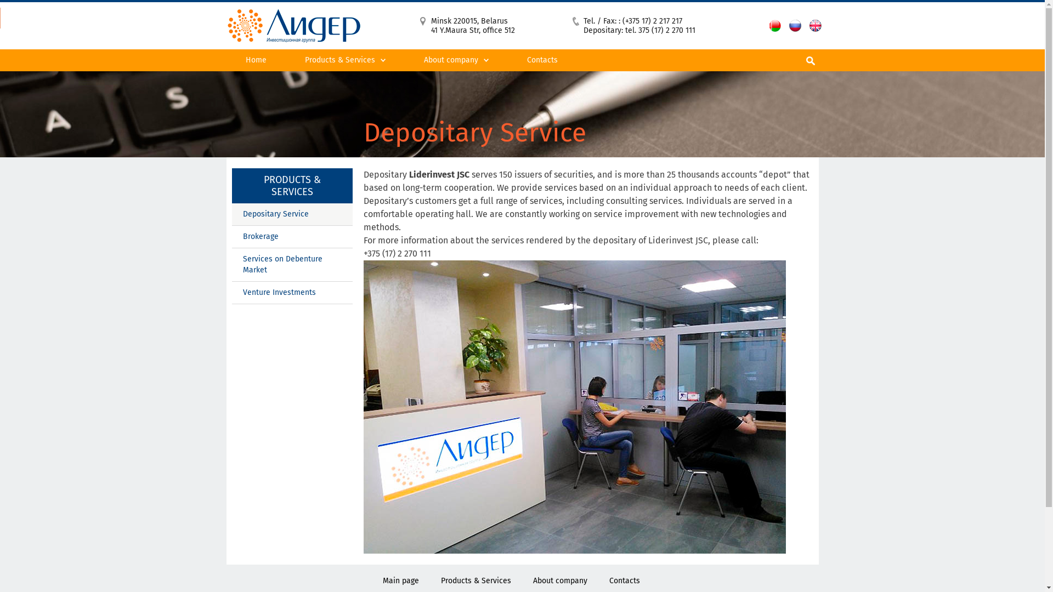 This screenshot has height=592, width=1053. What do you see at coordinates (476, 580) in the screenshot?
I see `'Products & Services'` at bounding box center [476, 580].